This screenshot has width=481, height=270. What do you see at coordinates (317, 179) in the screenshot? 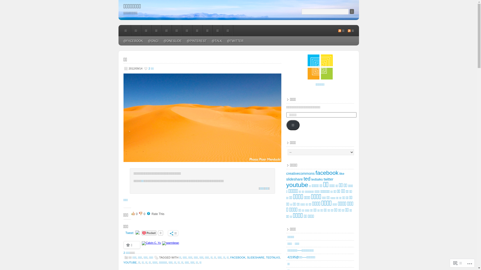
I see `'tedtalks'` at bounding box center [317, 179].